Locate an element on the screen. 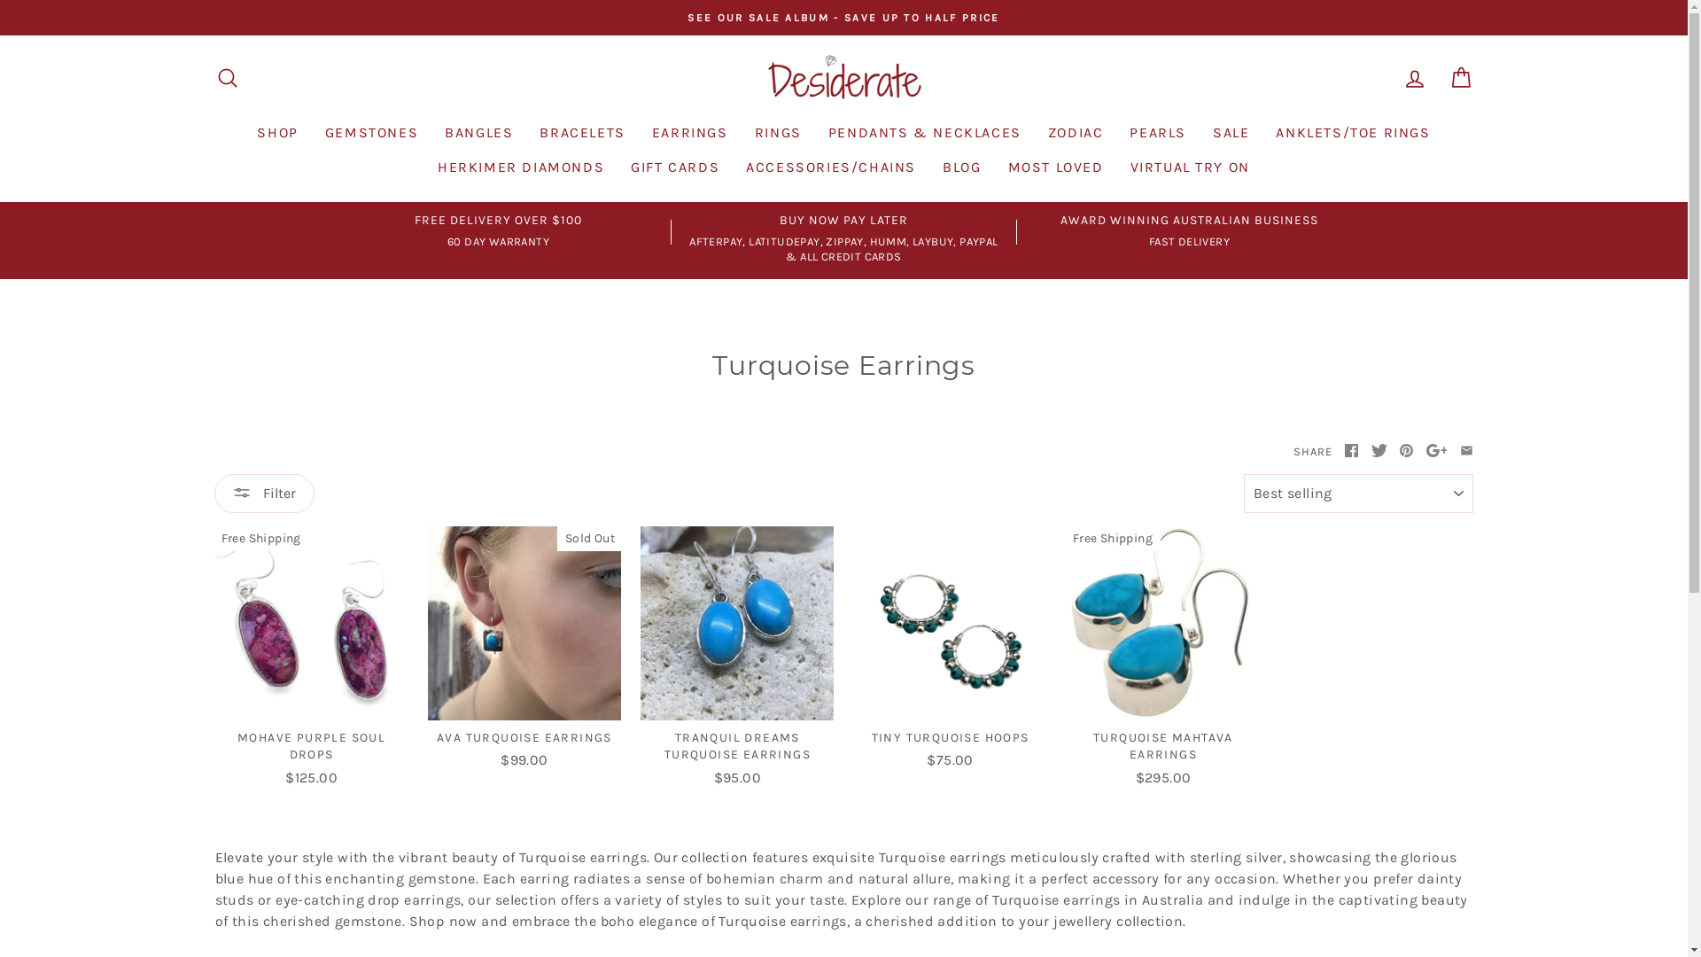 This screenshot has width=1701, height=957. 'TURQUOISE MAHTAVA EARRINGS is located at coordinates (1066, 659).